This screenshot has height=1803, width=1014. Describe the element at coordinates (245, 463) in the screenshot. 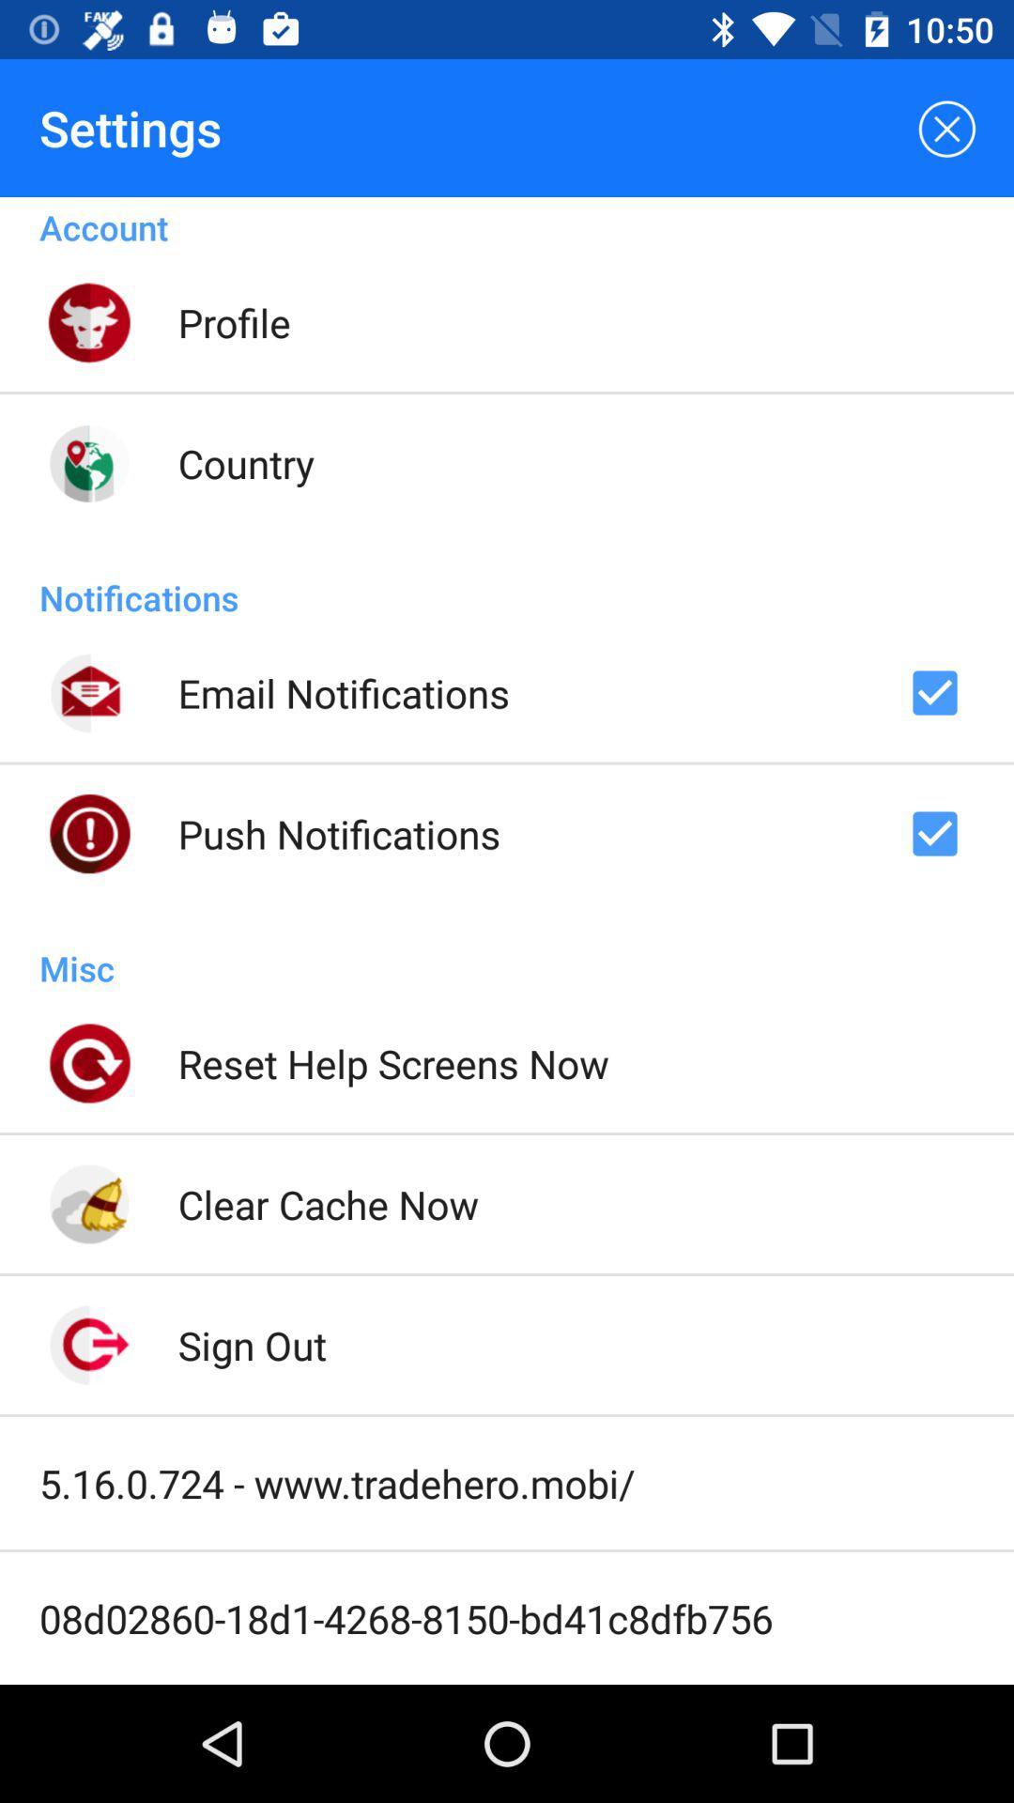

I see `icon above notifications icon` at that location.